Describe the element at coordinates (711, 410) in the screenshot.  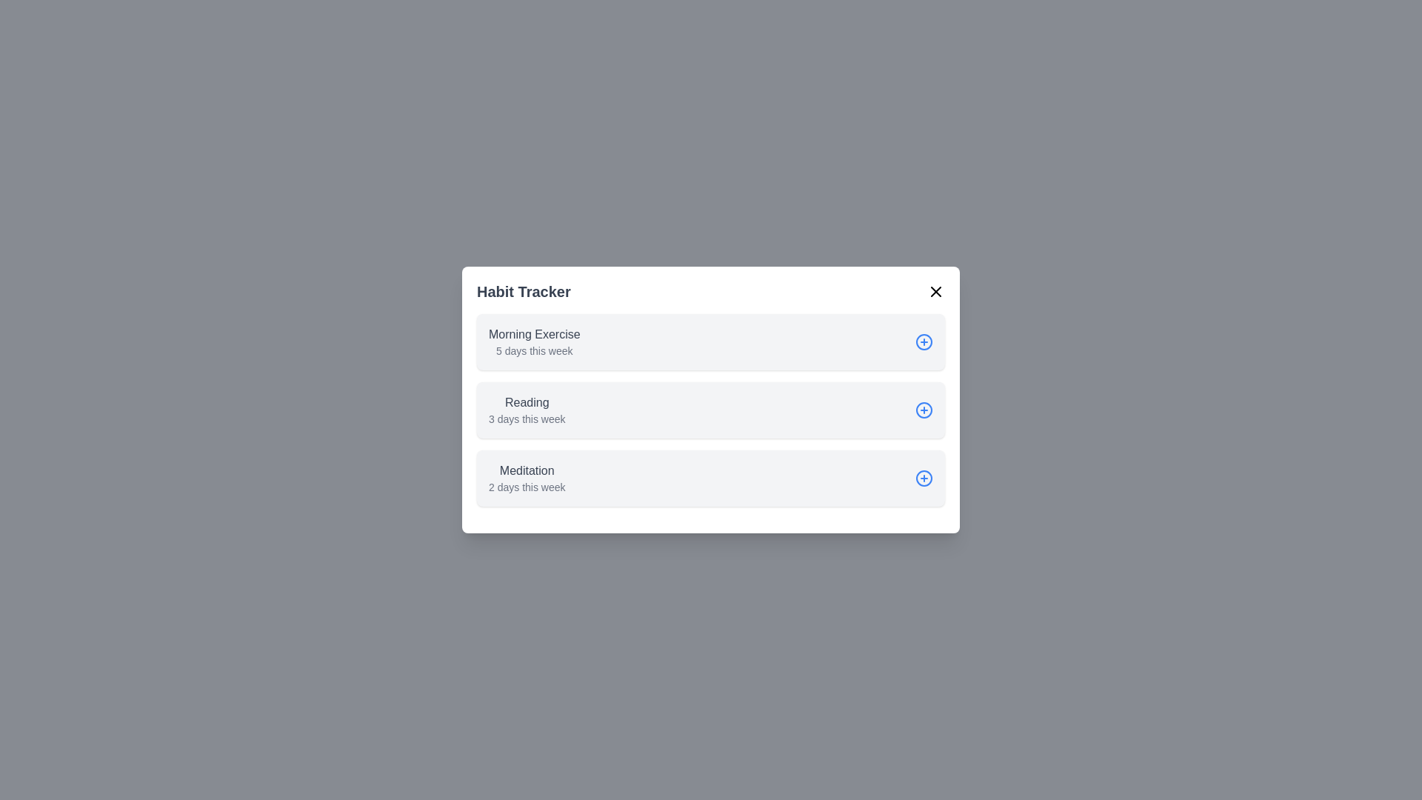
I see `the 'Reading' habit to inspect its details` at that location.